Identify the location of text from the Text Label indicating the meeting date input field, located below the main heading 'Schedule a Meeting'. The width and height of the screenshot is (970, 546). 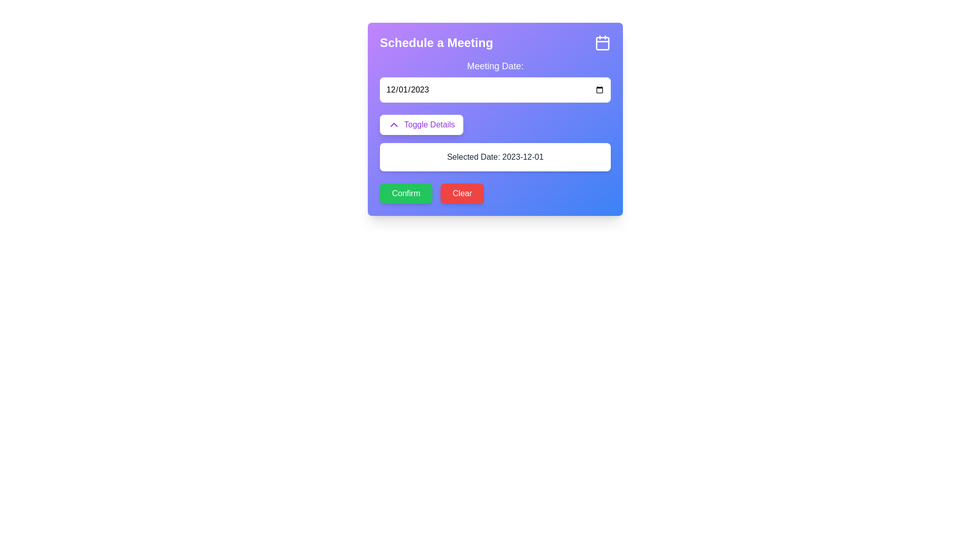
(495, 66).